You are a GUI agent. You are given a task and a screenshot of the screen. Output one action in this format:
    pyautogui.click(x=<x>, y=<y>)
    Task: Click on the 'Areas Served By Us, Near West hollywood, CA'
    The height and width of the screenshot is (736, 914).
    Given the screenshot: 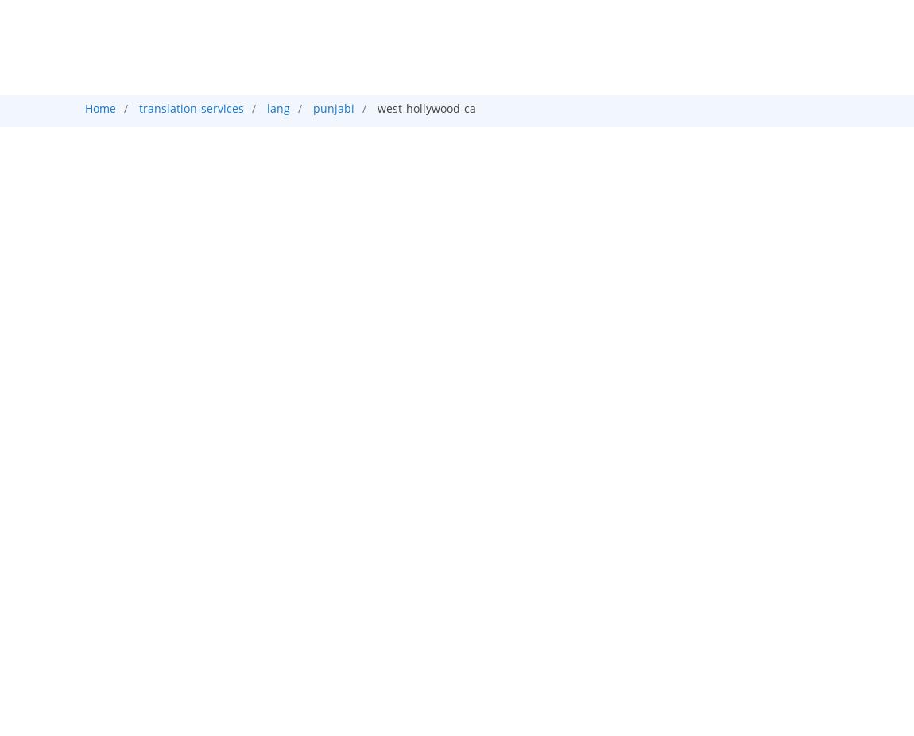 What is the action you would take?
    pyautogui.click(x=342, y=305)
    